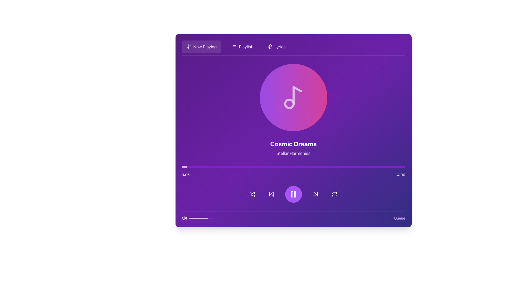 This screenshot has height=284, width=506. What do you see at coordinates (293, 148) in the screenshot?
I see `the text block displaying the current playing track's title 'Cosmic Dreams' and subtitle 'Stellar Harmonies', located centrally beneath a circular icon and above a progress bar` at bounding box center [293, 148].